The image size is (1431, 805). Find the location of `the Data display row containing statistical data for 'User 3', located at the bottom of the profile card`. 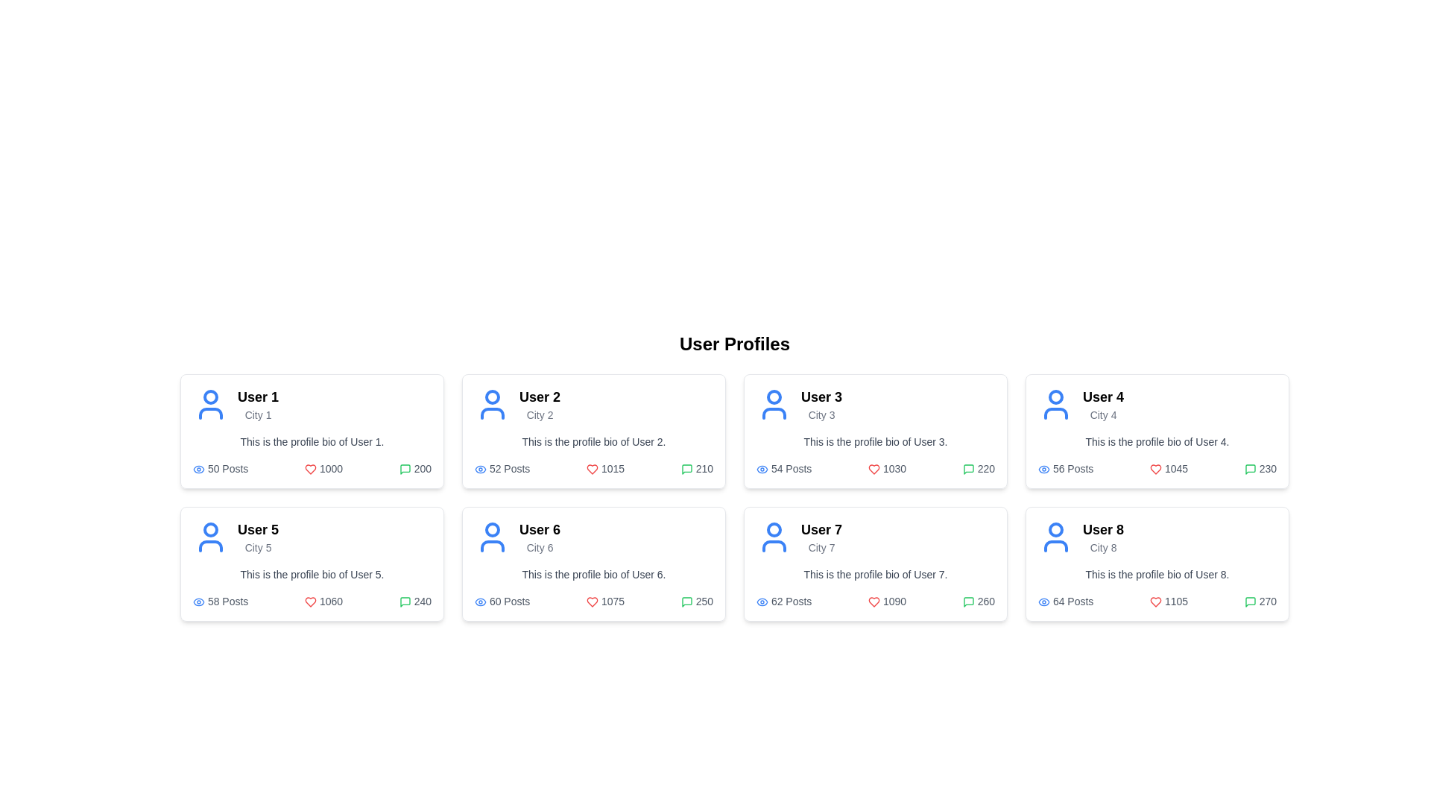

the Data display row containing statistical data for 'User 3', located at the bottom of the profile card is located at coordinates (876, 467).